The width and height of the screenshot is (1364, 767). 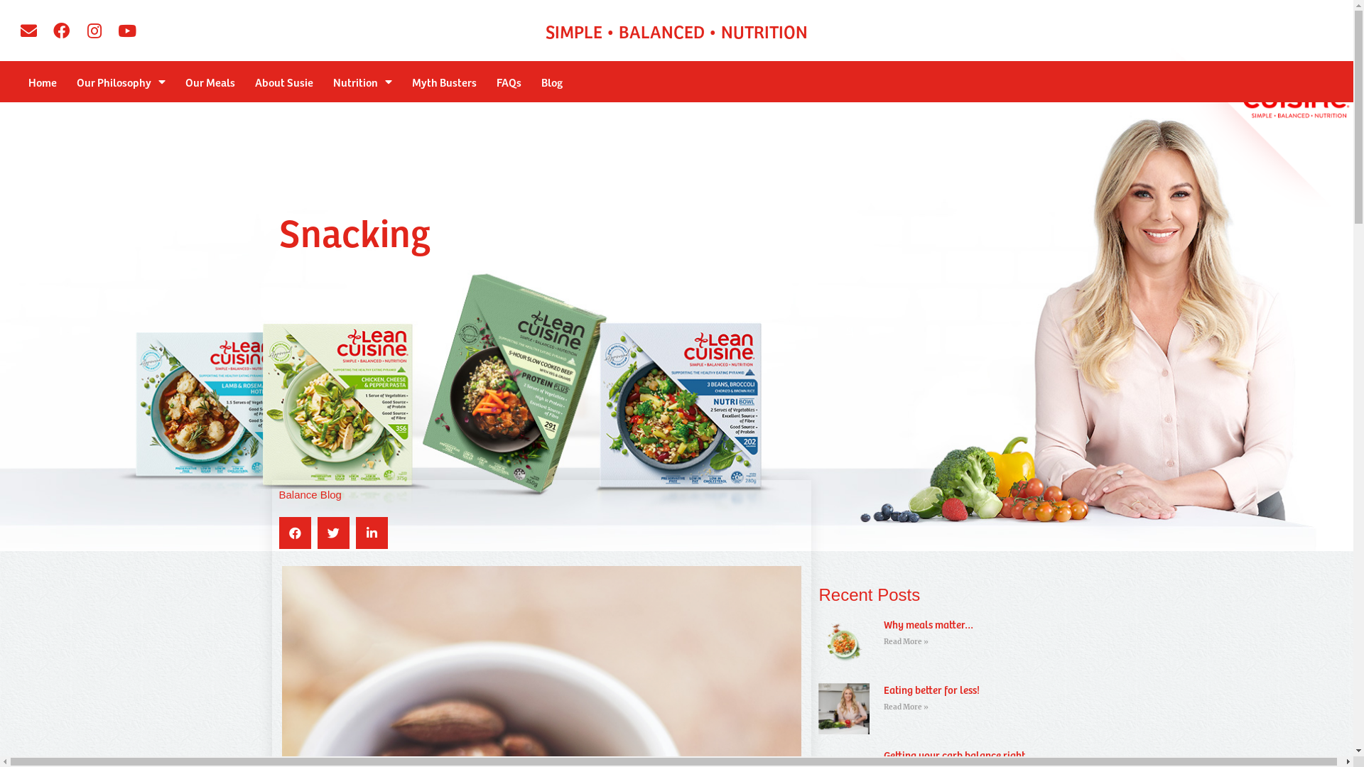 What do you see at coordinates (954, 754) in the screenshot?
I see `'Getting your carb balance right'` at bounding box center [954, 754].